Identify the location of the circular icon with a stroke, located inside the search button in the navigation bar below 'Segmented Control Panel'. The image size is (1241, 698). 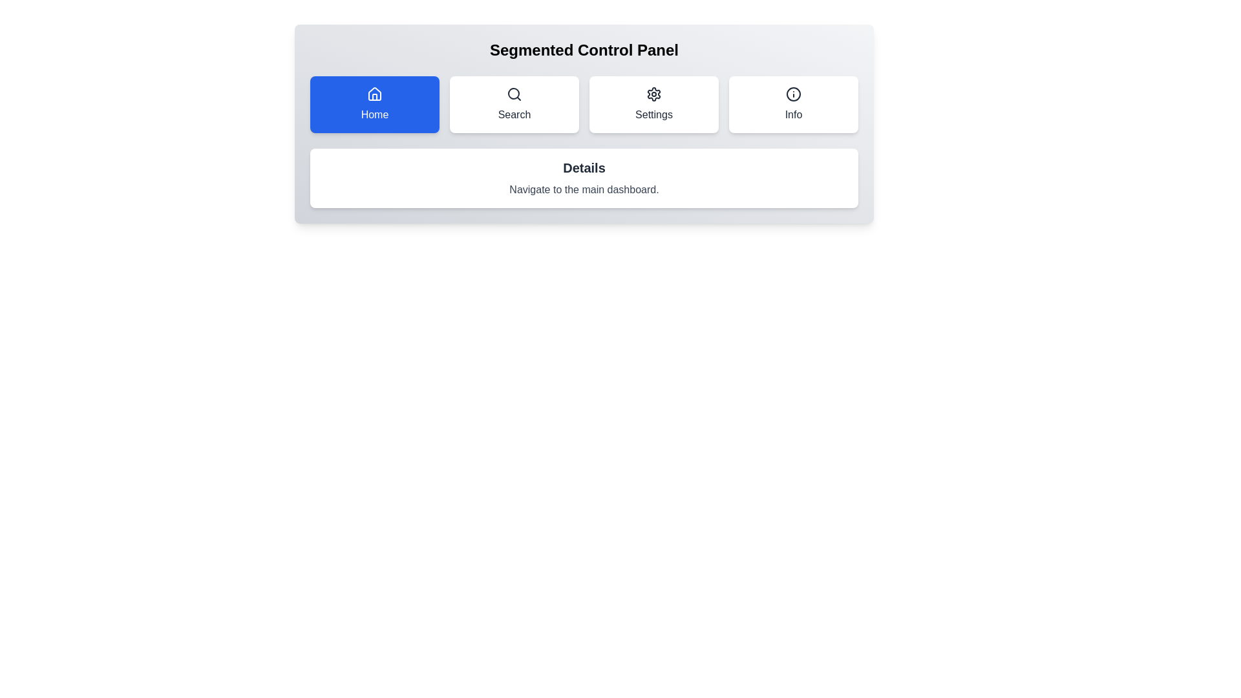
(513, 93).